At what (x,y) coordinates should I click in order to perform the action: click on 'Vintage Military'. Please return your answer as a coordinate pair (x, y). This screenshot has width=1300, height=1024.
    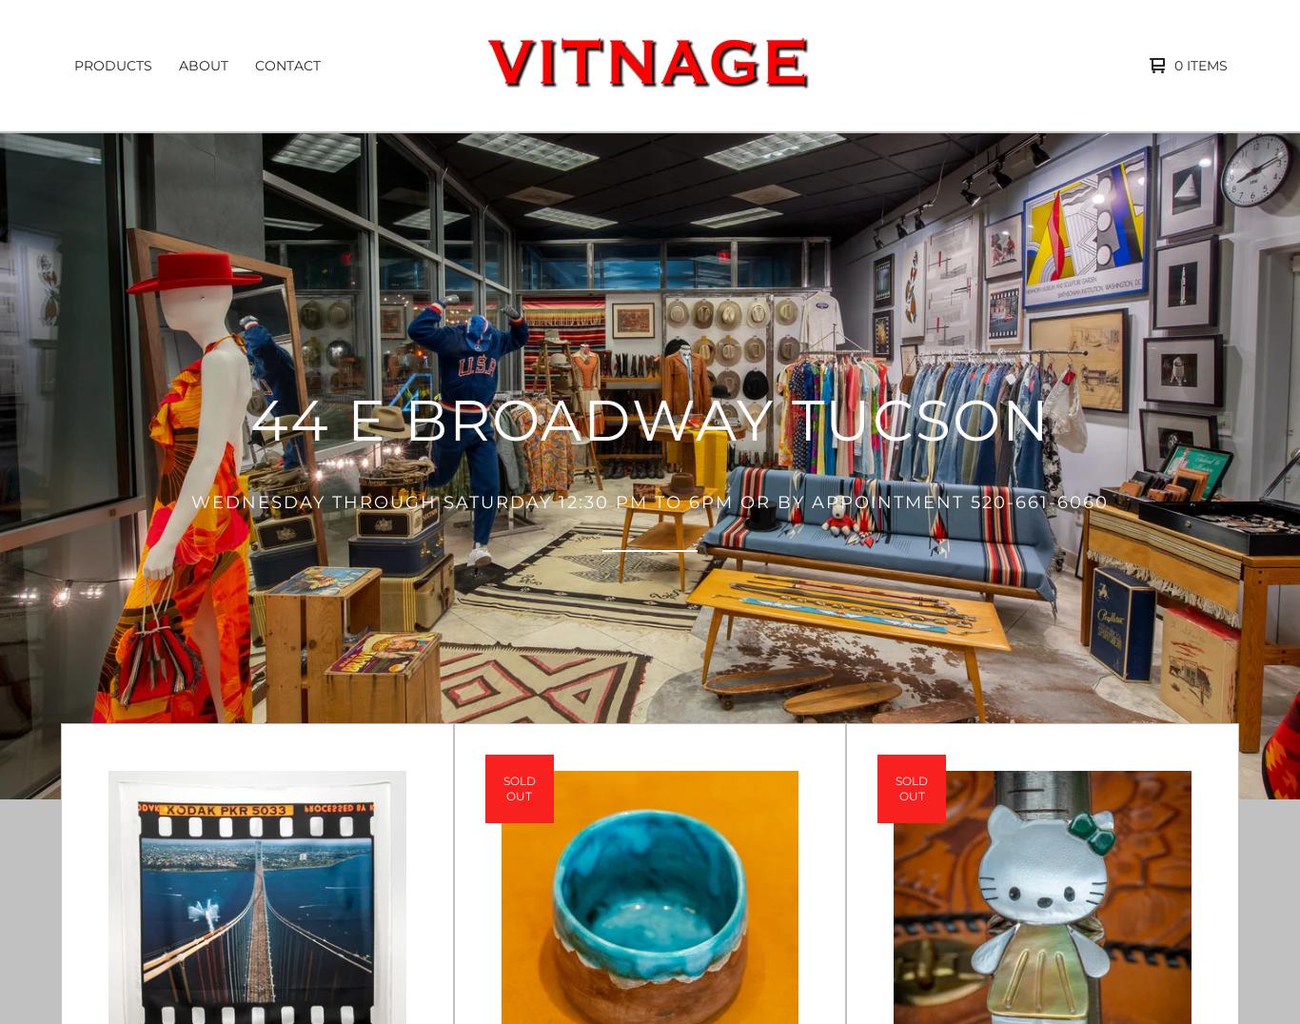
    Looking at the image, I should click on (140, 456).